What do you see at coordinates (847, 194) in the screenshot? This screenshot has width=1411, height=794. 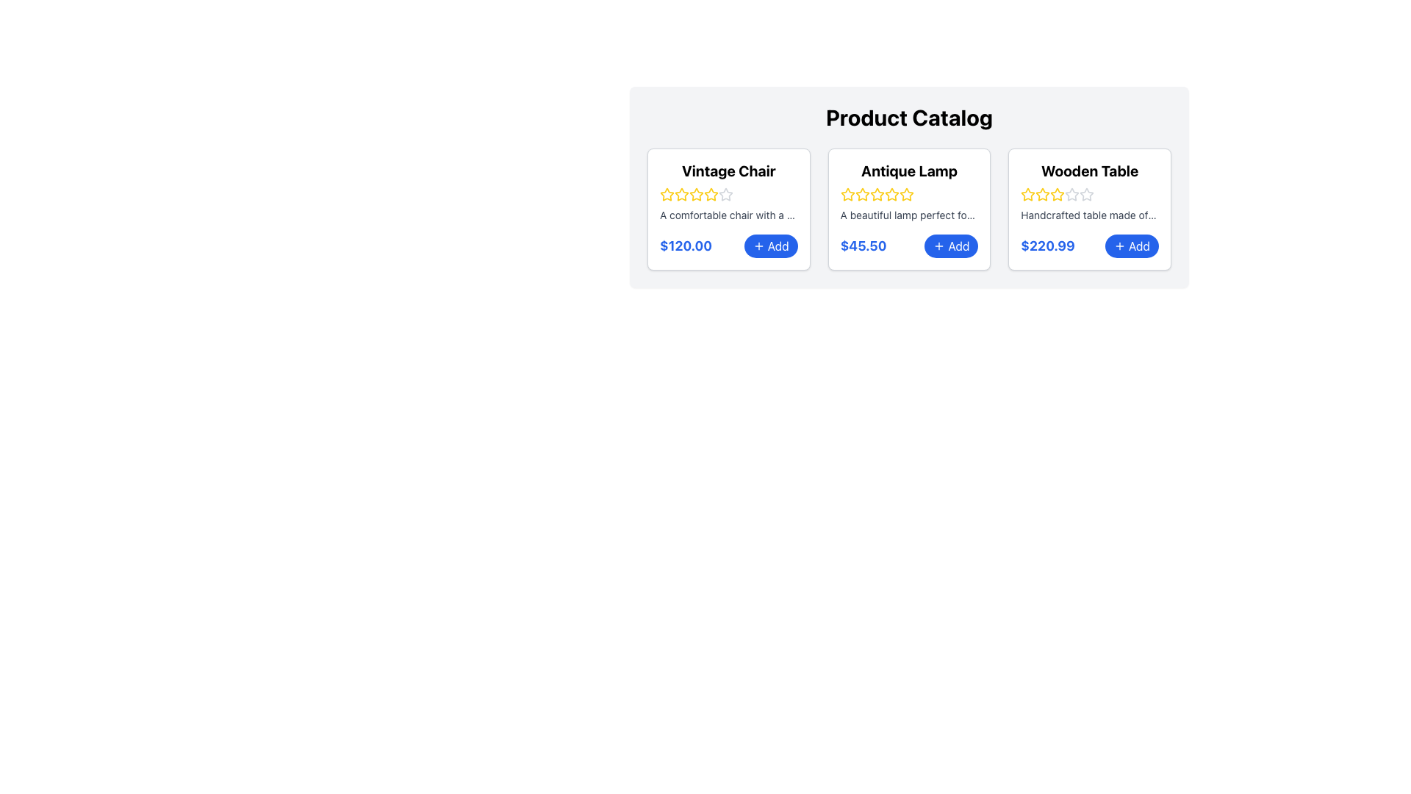 I see `the first star icon in the rating component of the 'Antique Lamp' product card, which is highlighted in bright yellow` at bounding box center [847, 194].